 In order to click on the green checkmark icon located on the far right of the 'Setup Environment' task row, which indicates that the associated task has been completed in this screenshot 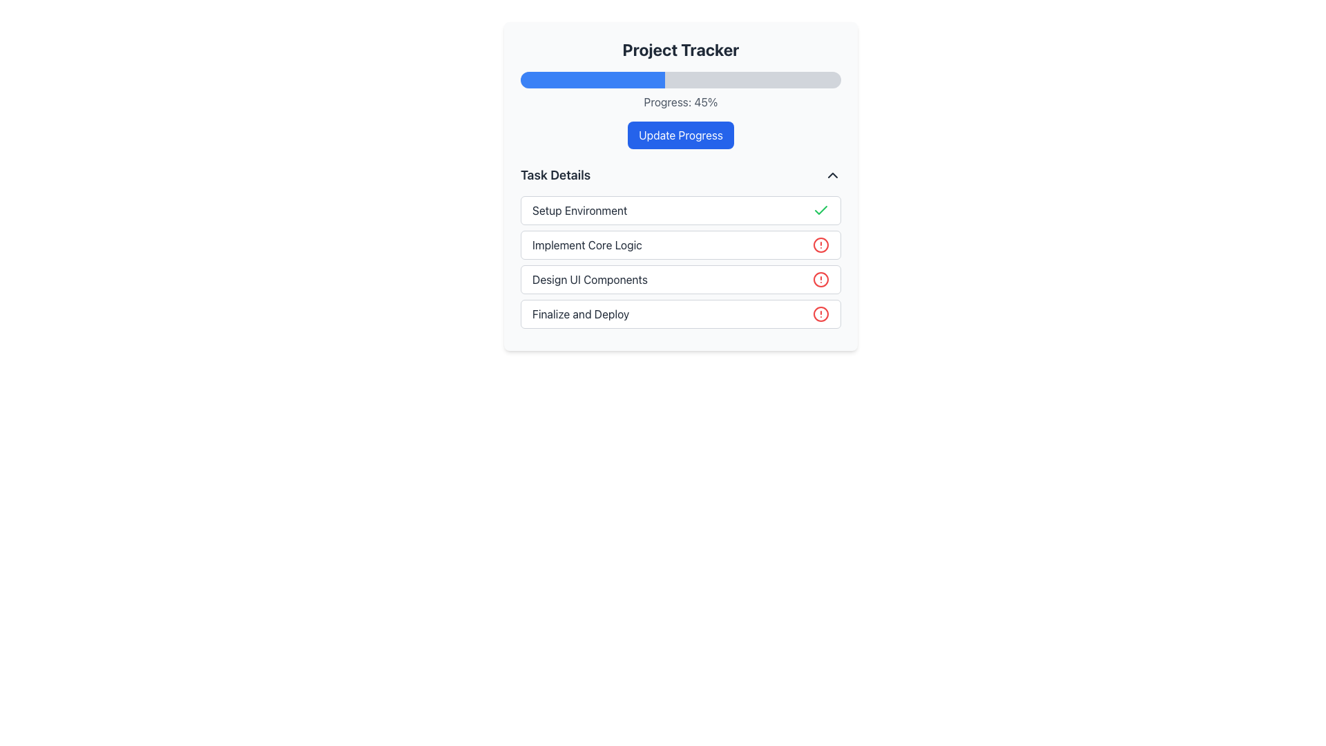, I will do `click(821, 210)`.